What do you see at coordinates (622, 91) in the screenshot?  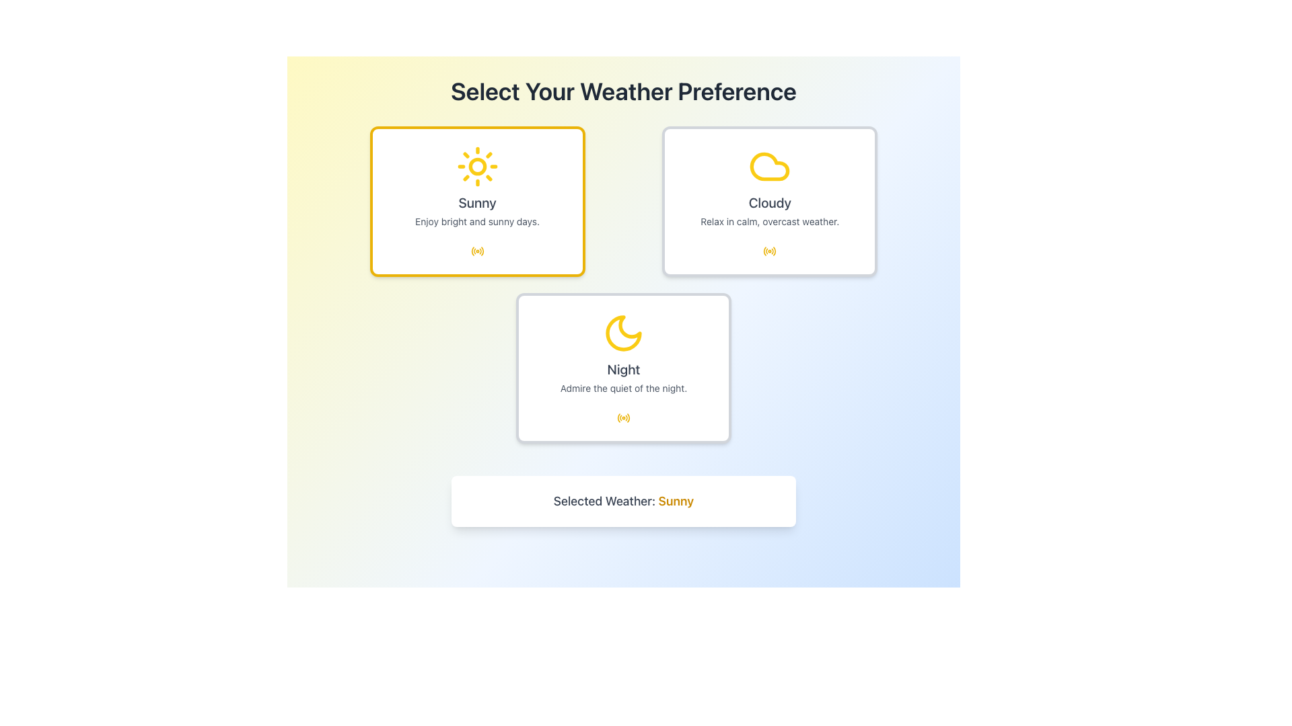 I see `the heading text displaying 'Select Your Weather Preference', which is centrally positioned at the top of the interface with a light, gradient background` at bounding box center [622, 91].